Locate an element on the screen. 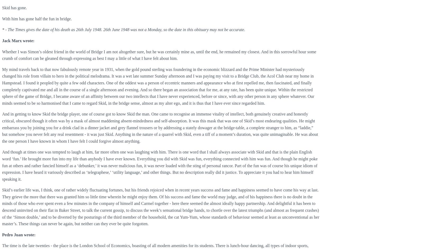 Image resolution: width=423 pixels, height=250 pixels. 'Skid has gone.' is located at coordinates (14, 8).